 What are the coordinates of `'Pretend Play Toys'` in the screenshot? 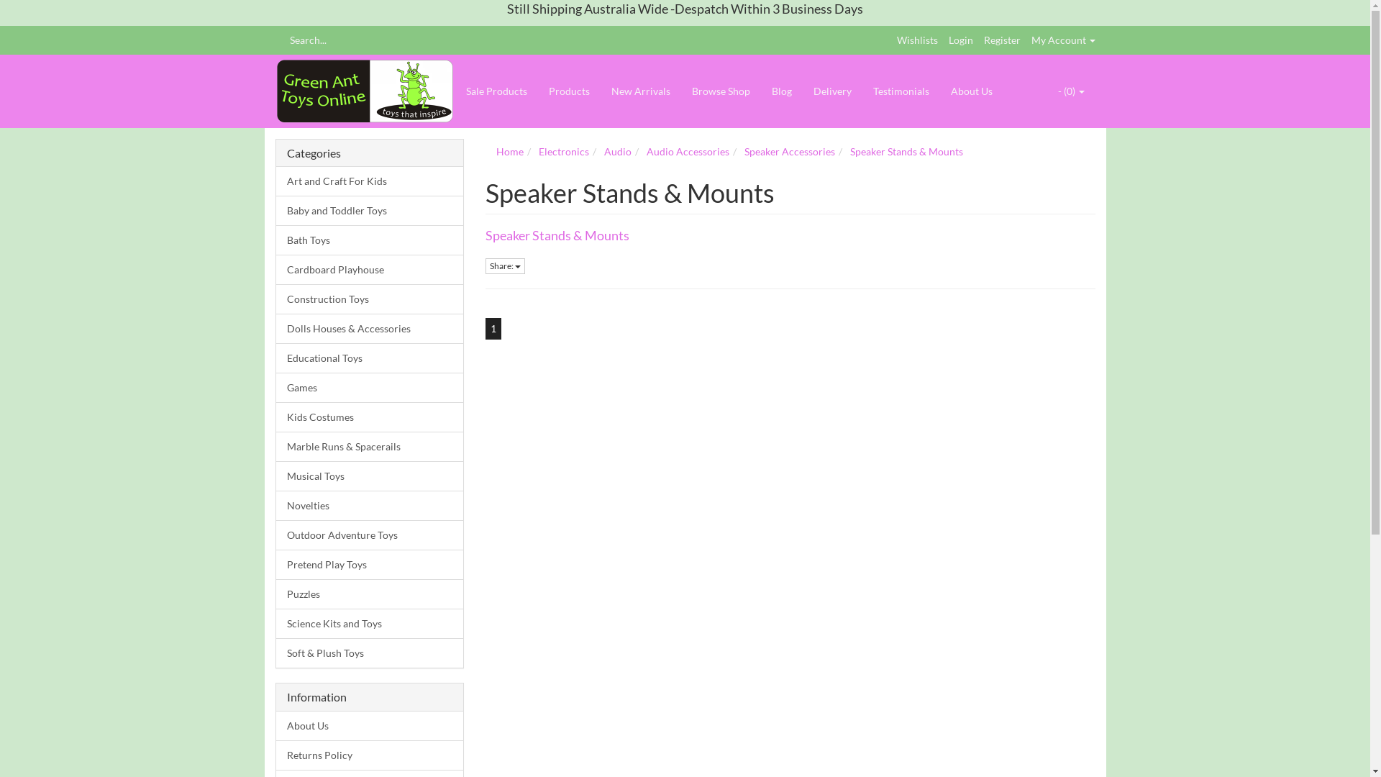 It's located at (370, 563).